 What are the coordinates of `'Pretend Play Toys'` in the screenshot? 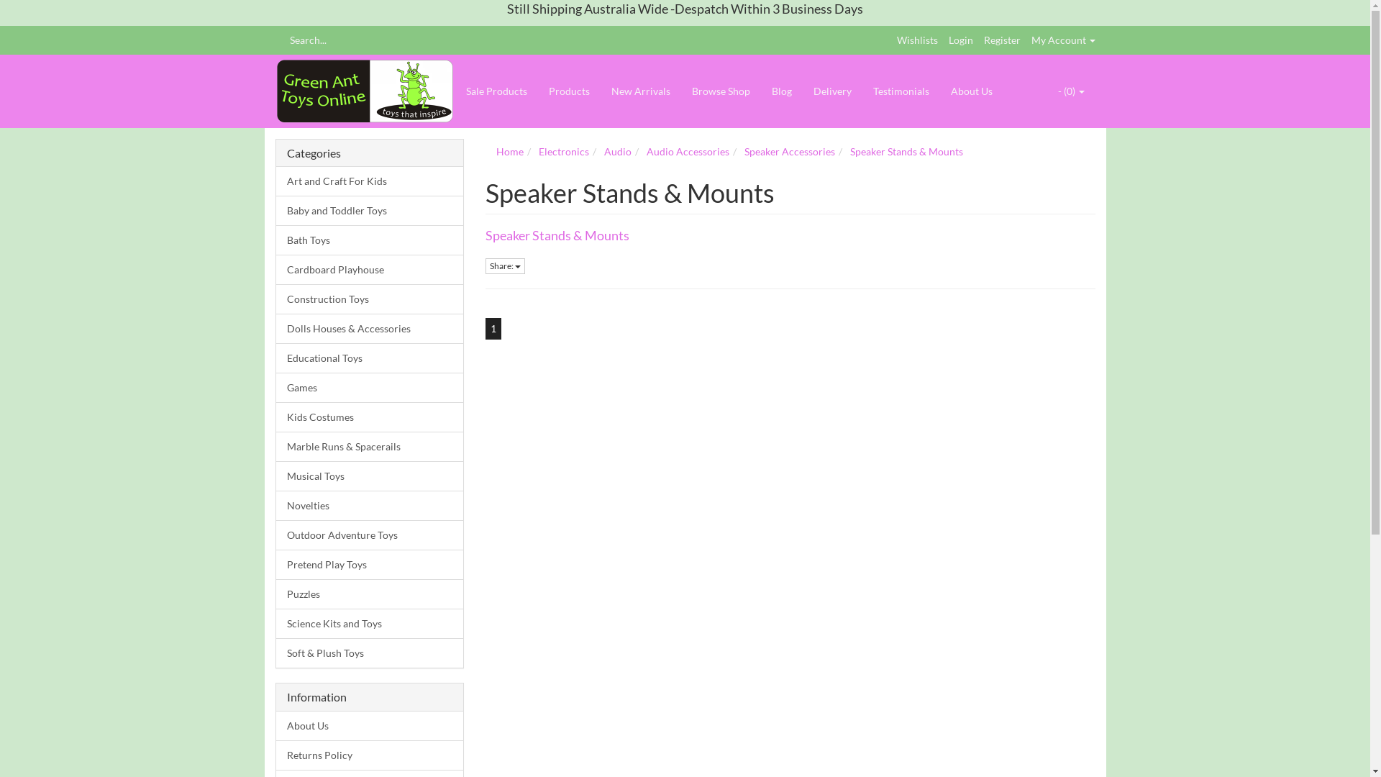 It's located at (370, 563).